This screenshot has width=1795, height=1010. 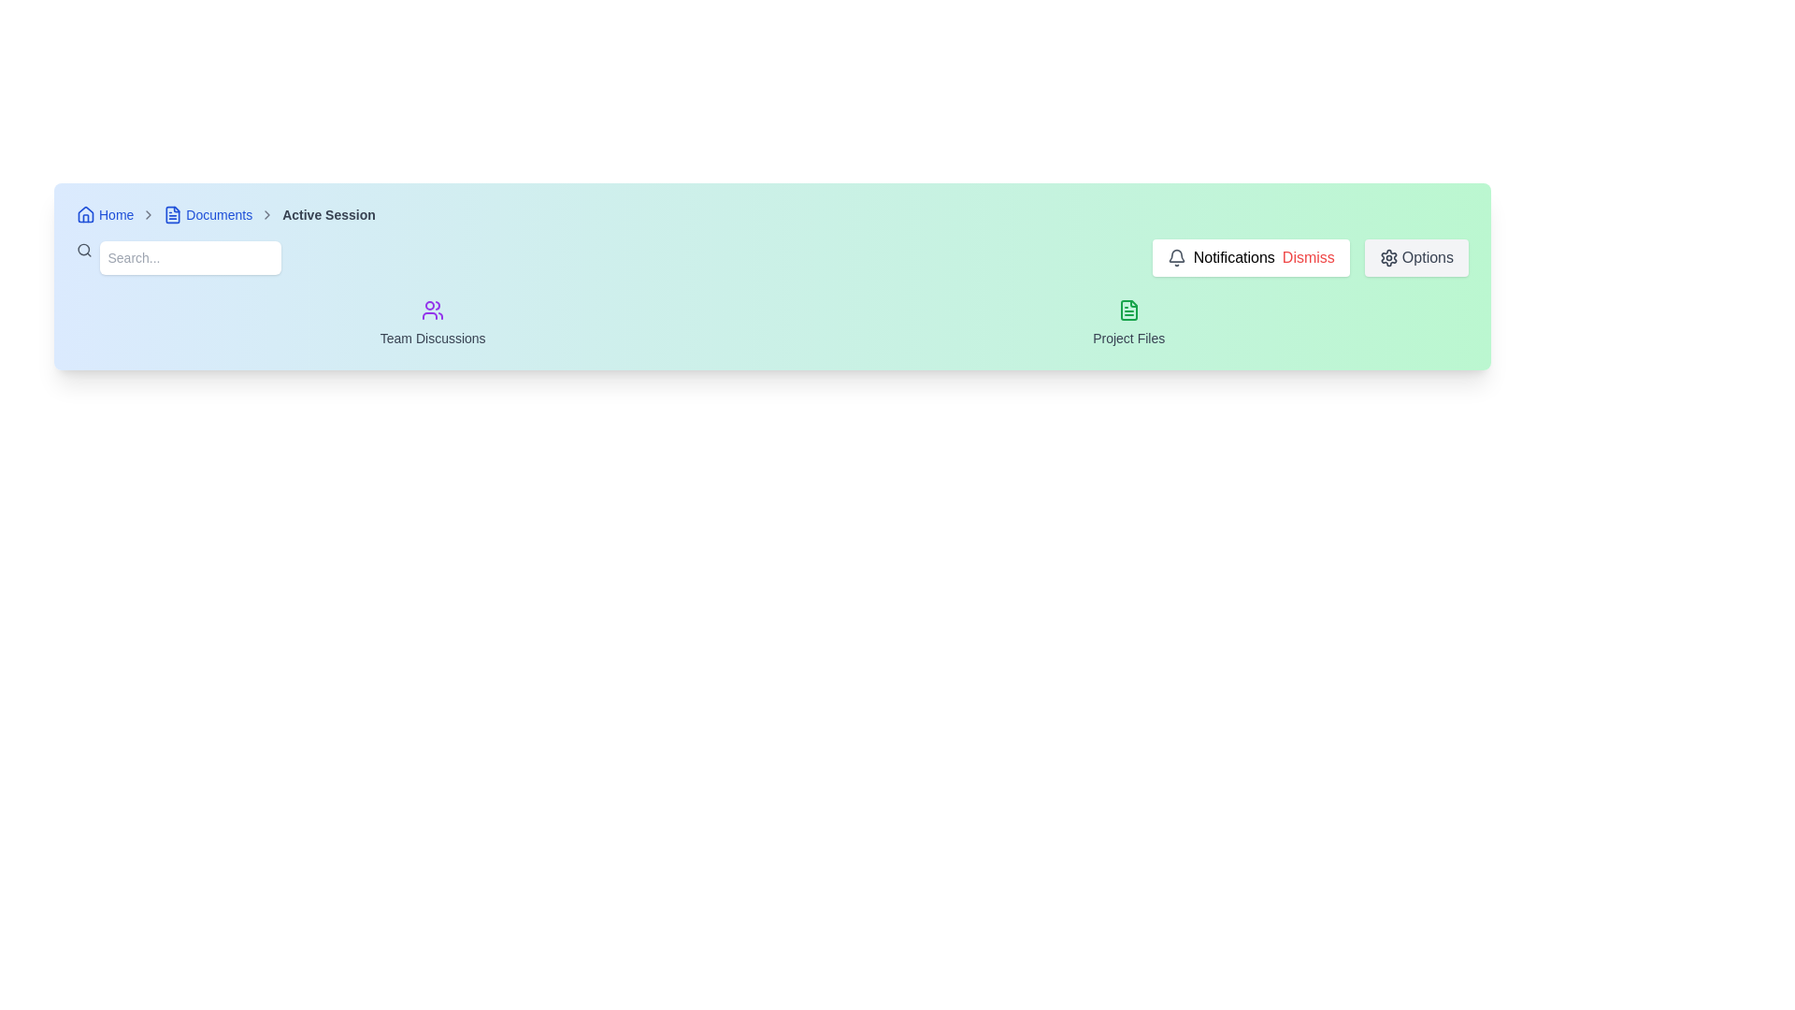 What do you see at coordinates (328, 214) in the screenshot?
I see `the Text Label that indicates the current page or section, which is the last item in the breadcrumb navigation sequence, positioned to the right of 'Documents'` at bounding box center [328, 214].